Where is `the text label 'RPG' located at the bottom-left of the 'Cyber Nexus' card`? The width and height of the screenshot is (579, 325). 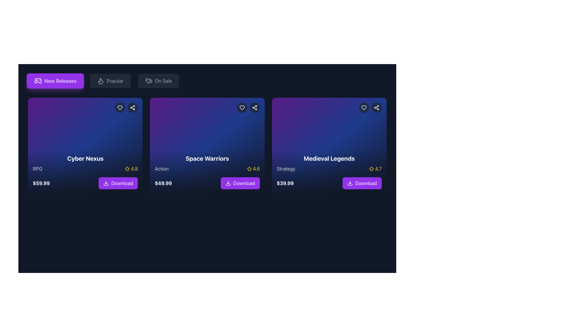 the text label 'RPG' located at the bottom-left of the 'Cyber Nexus' card is located at coordinates (37, 169).